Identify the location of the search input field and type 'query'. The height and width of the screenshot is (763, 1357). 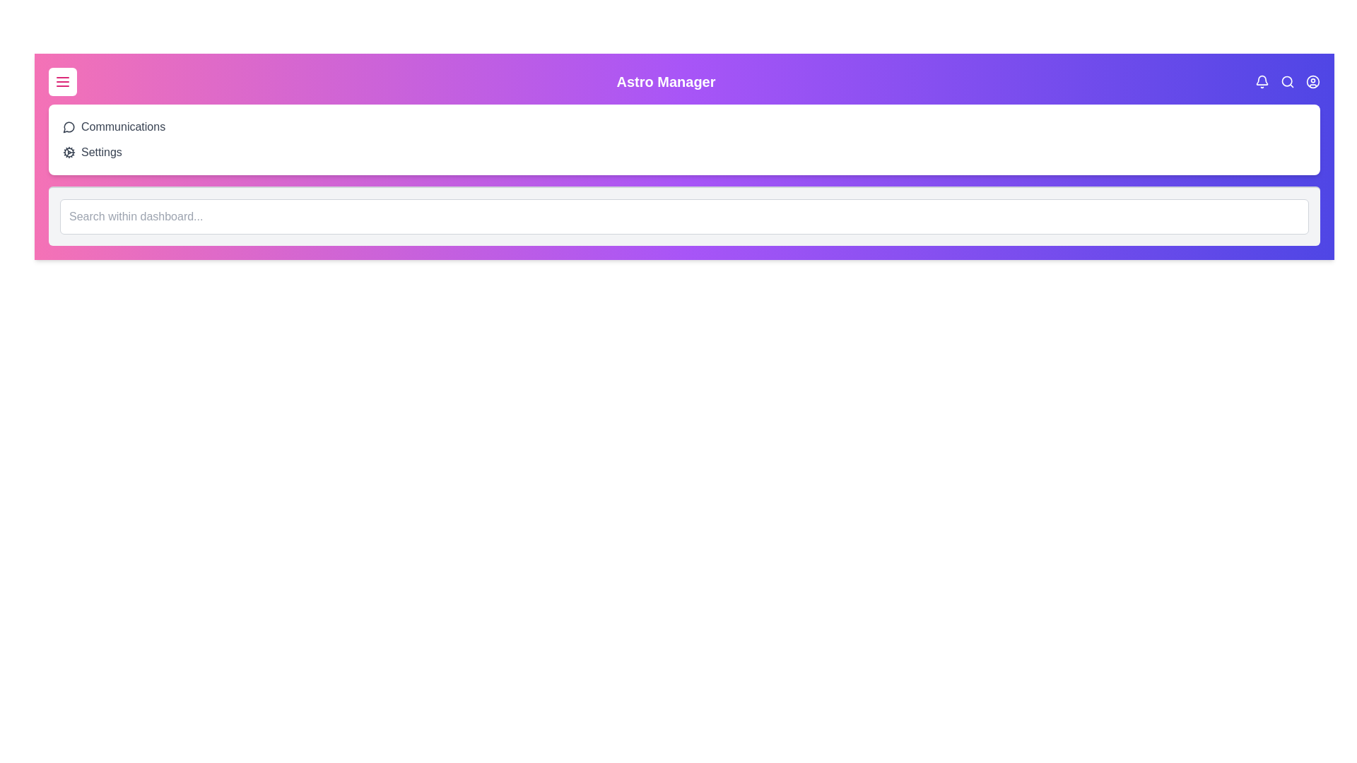
(684, 217).